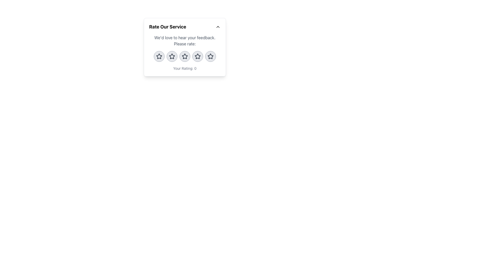 The height and width of the screenshot is (277, 493). Describe the element at coordinates (185, 68) in the screenshot. I see `the text display indicating the user's current rating selection located at the bottom of the feedback section, directly below the rating stars` at that location.